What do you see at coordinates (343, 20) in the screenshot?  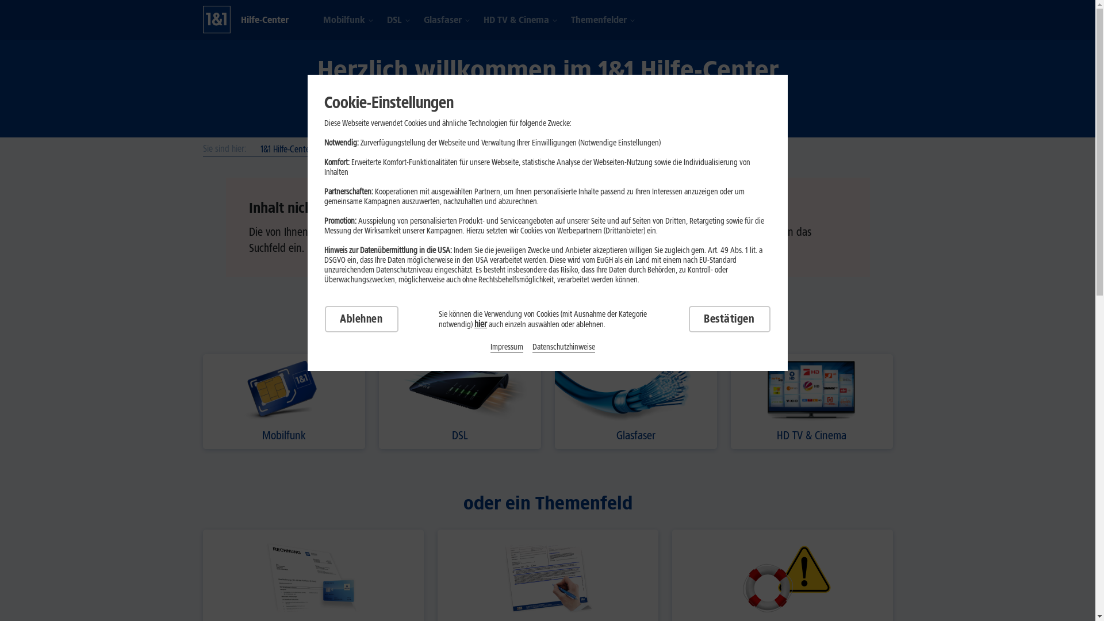 I see `'Mobilfunk'` at bounding box center [343, 20].